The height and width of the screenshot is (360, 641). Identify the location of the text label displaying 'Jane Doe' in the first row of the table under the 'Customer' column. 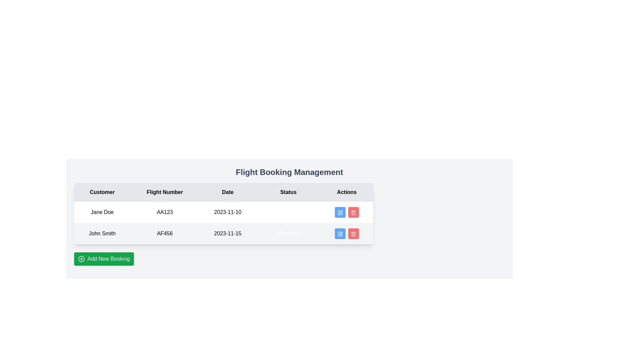
(102, 212).